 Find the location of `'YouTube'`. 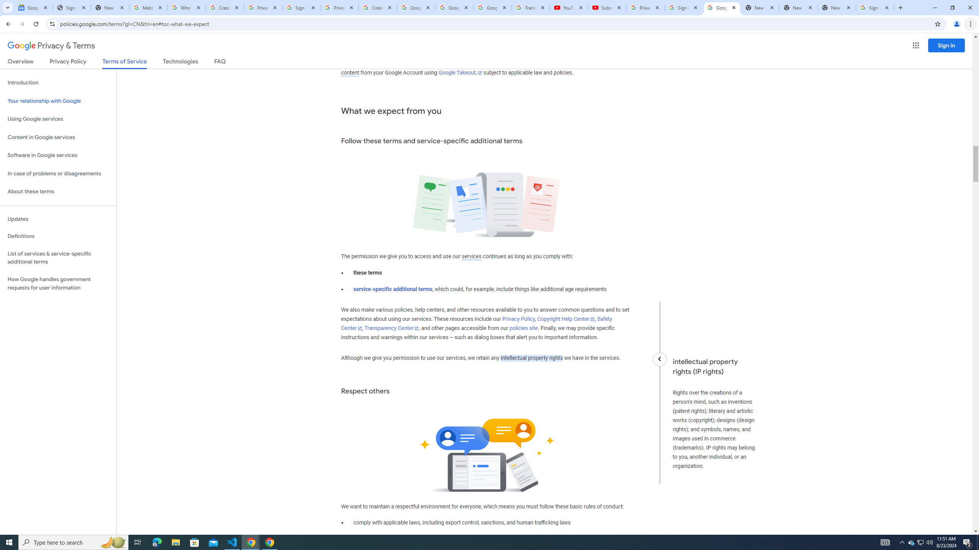

'YouTube' is located at coordinates (569, 7).